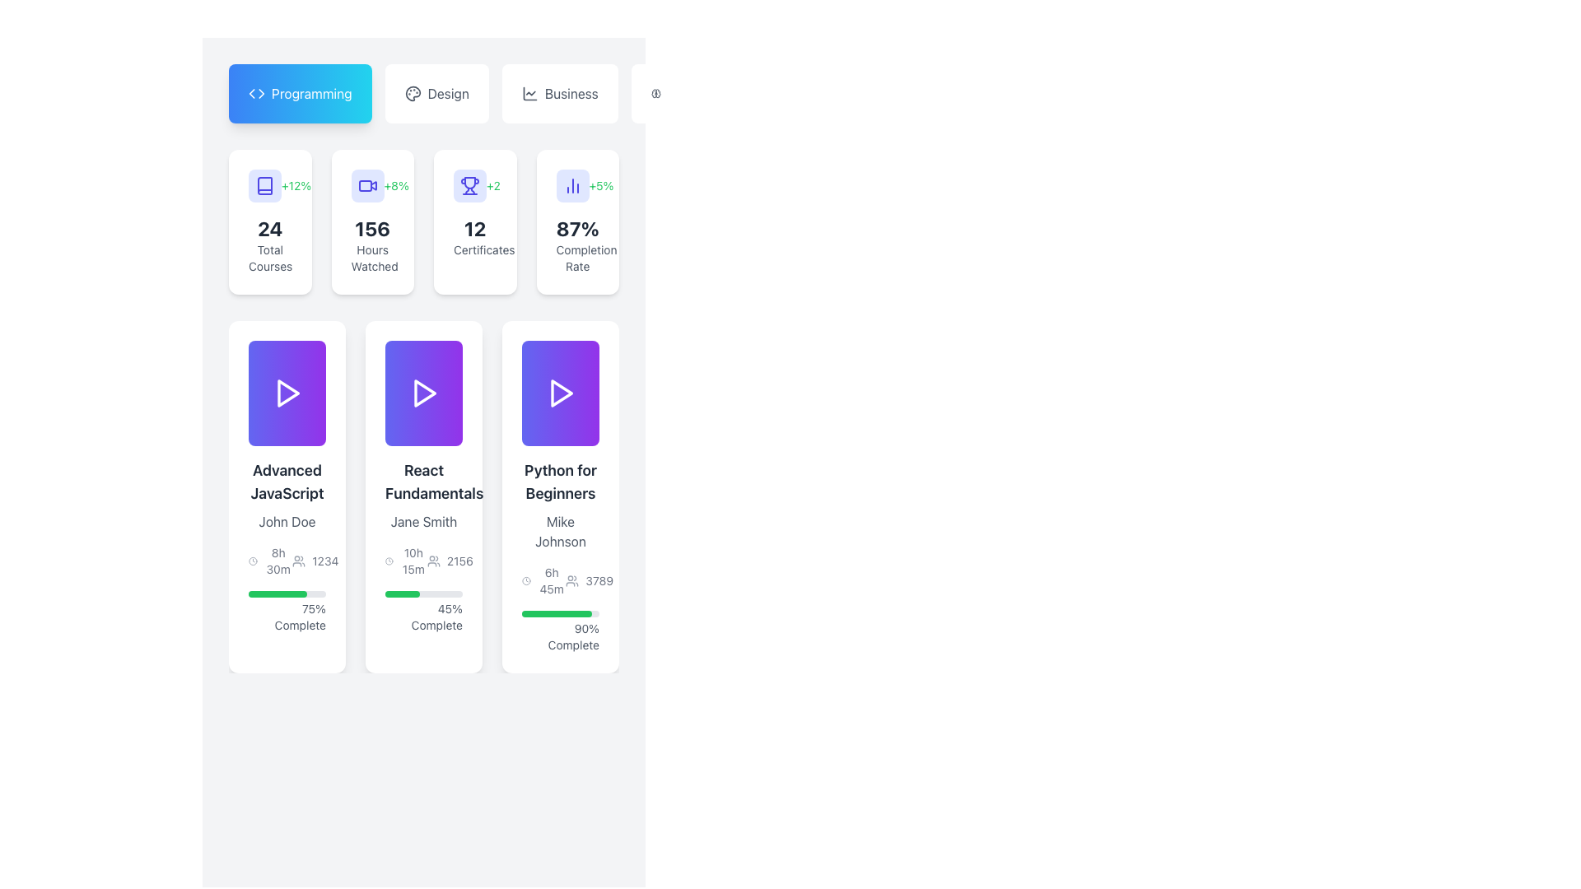  Describe the element at coordinates (264, 185) in the screenshot. I see `the small book icon in the upper-left region of the interface` at that location.